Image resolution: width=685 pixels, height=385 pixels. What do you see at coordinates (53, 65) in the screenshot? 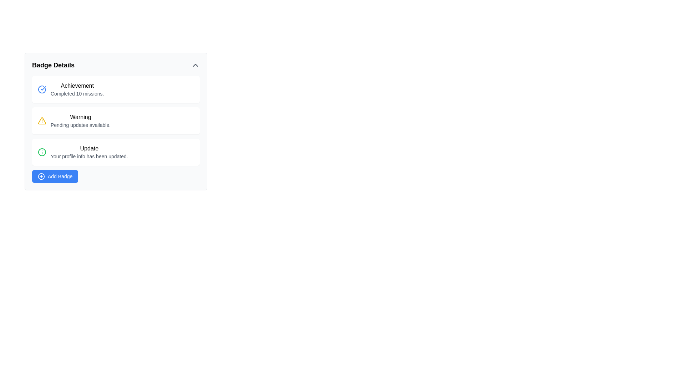
I see `the static text label that serves as a section header indicating badge information, located at the top-left corner of the interface` at bounding box center [53, 65].